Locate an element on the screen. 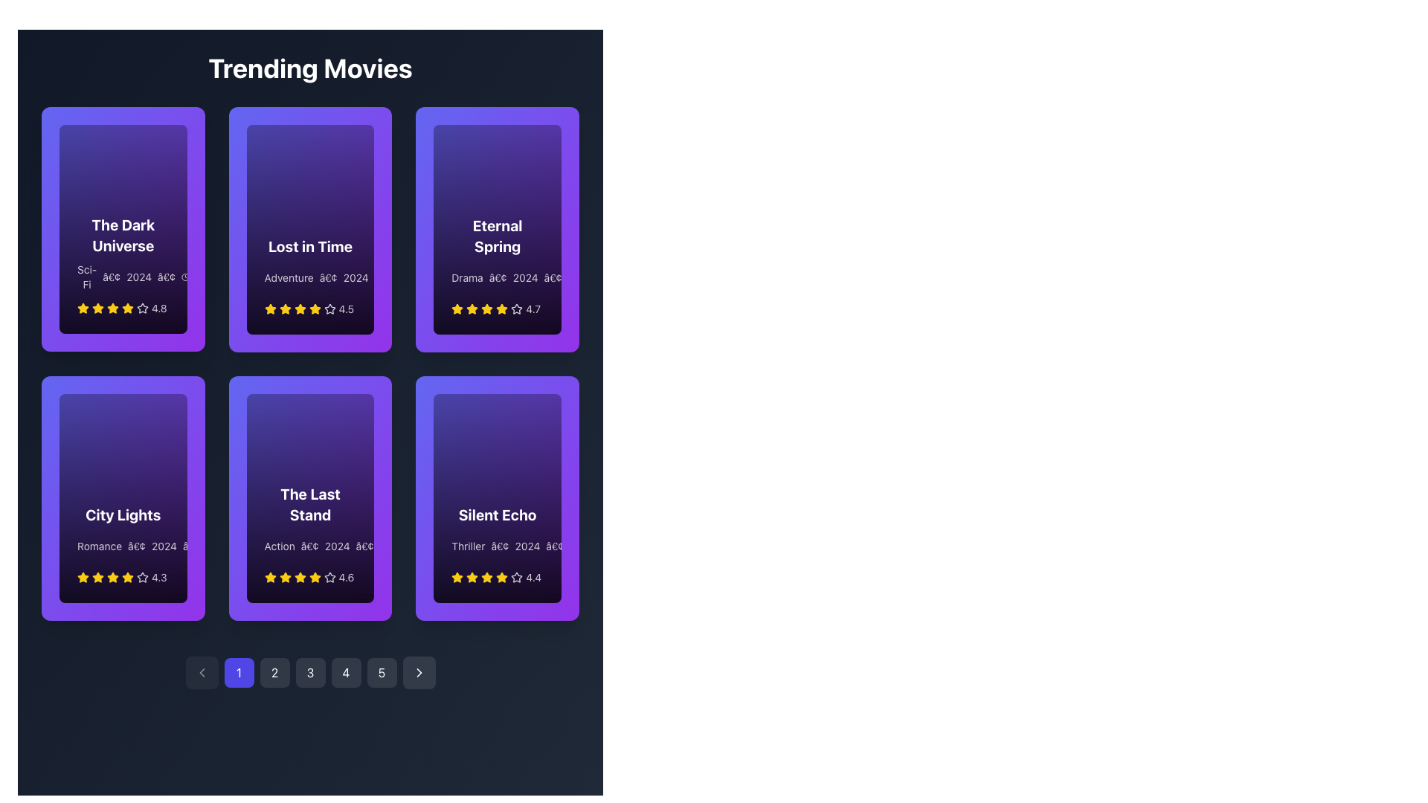 This screenshot has width=1428, height=803. the 'Romance' label, which is a text label with a white font located under the title 'City Lights' and above other metadata in the leftmost card on the second row is located at coordinates (99, 546).